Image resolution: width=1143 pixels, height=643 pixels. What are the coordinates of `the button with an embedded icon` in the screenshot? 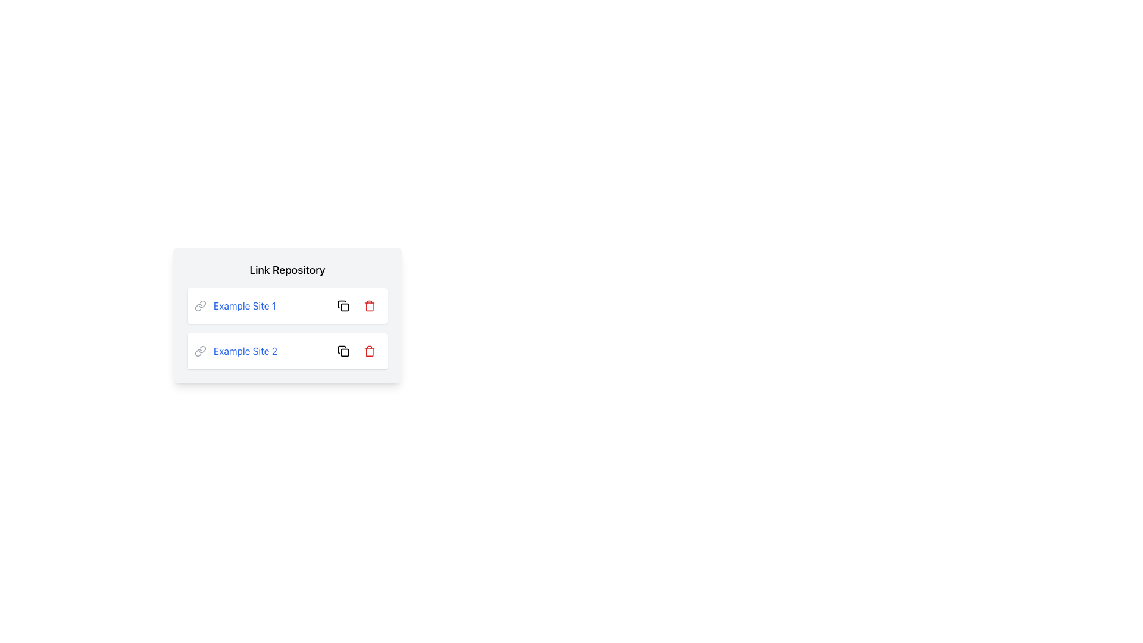 It's located at (368, 305).